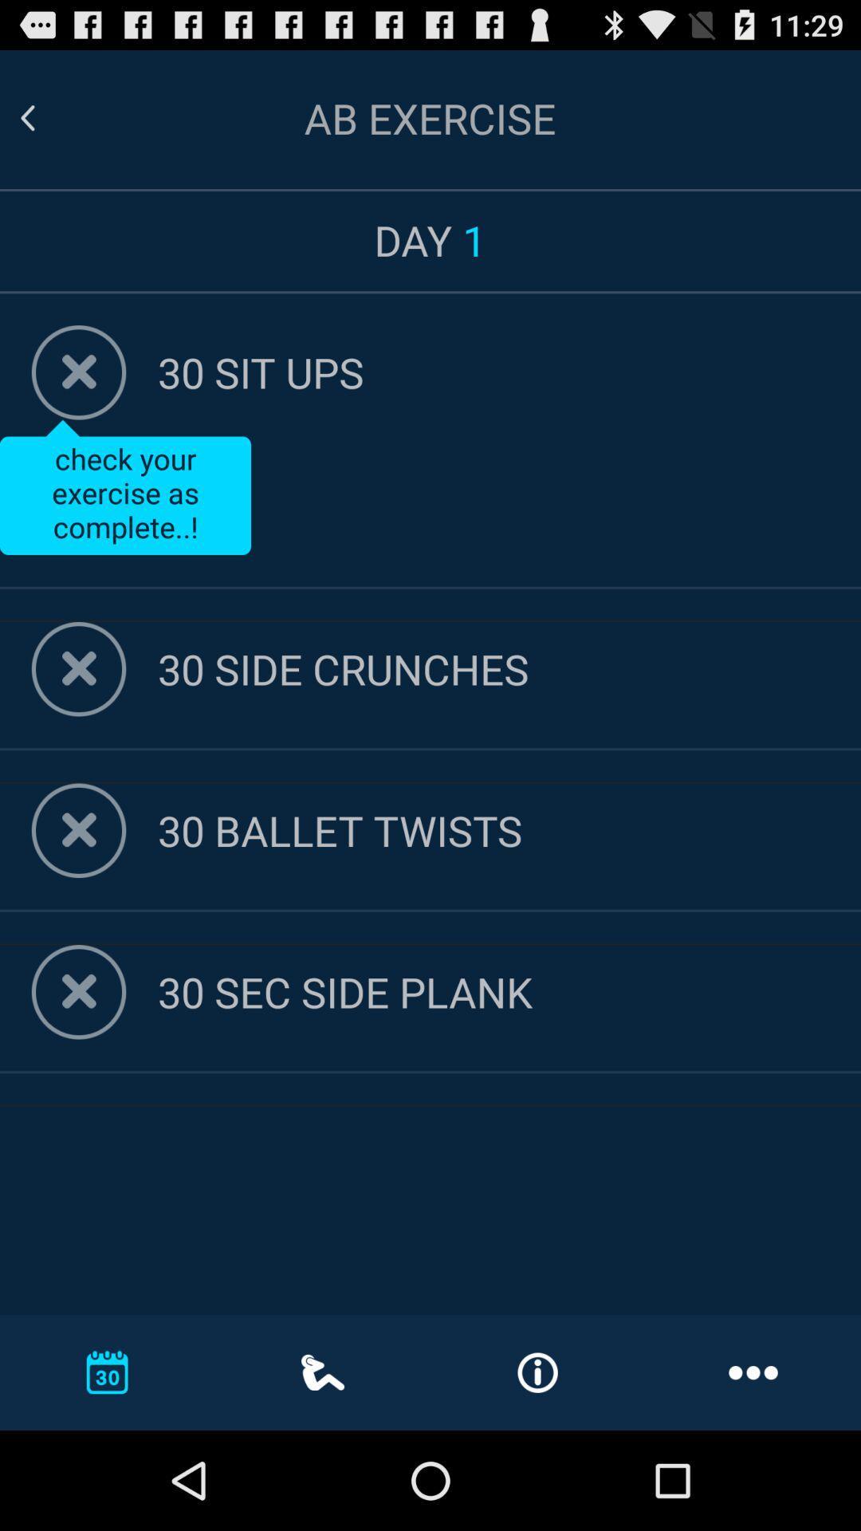 The width and height of the screenshot is (861, 1531). I want to click on remove, so click(79, 669).